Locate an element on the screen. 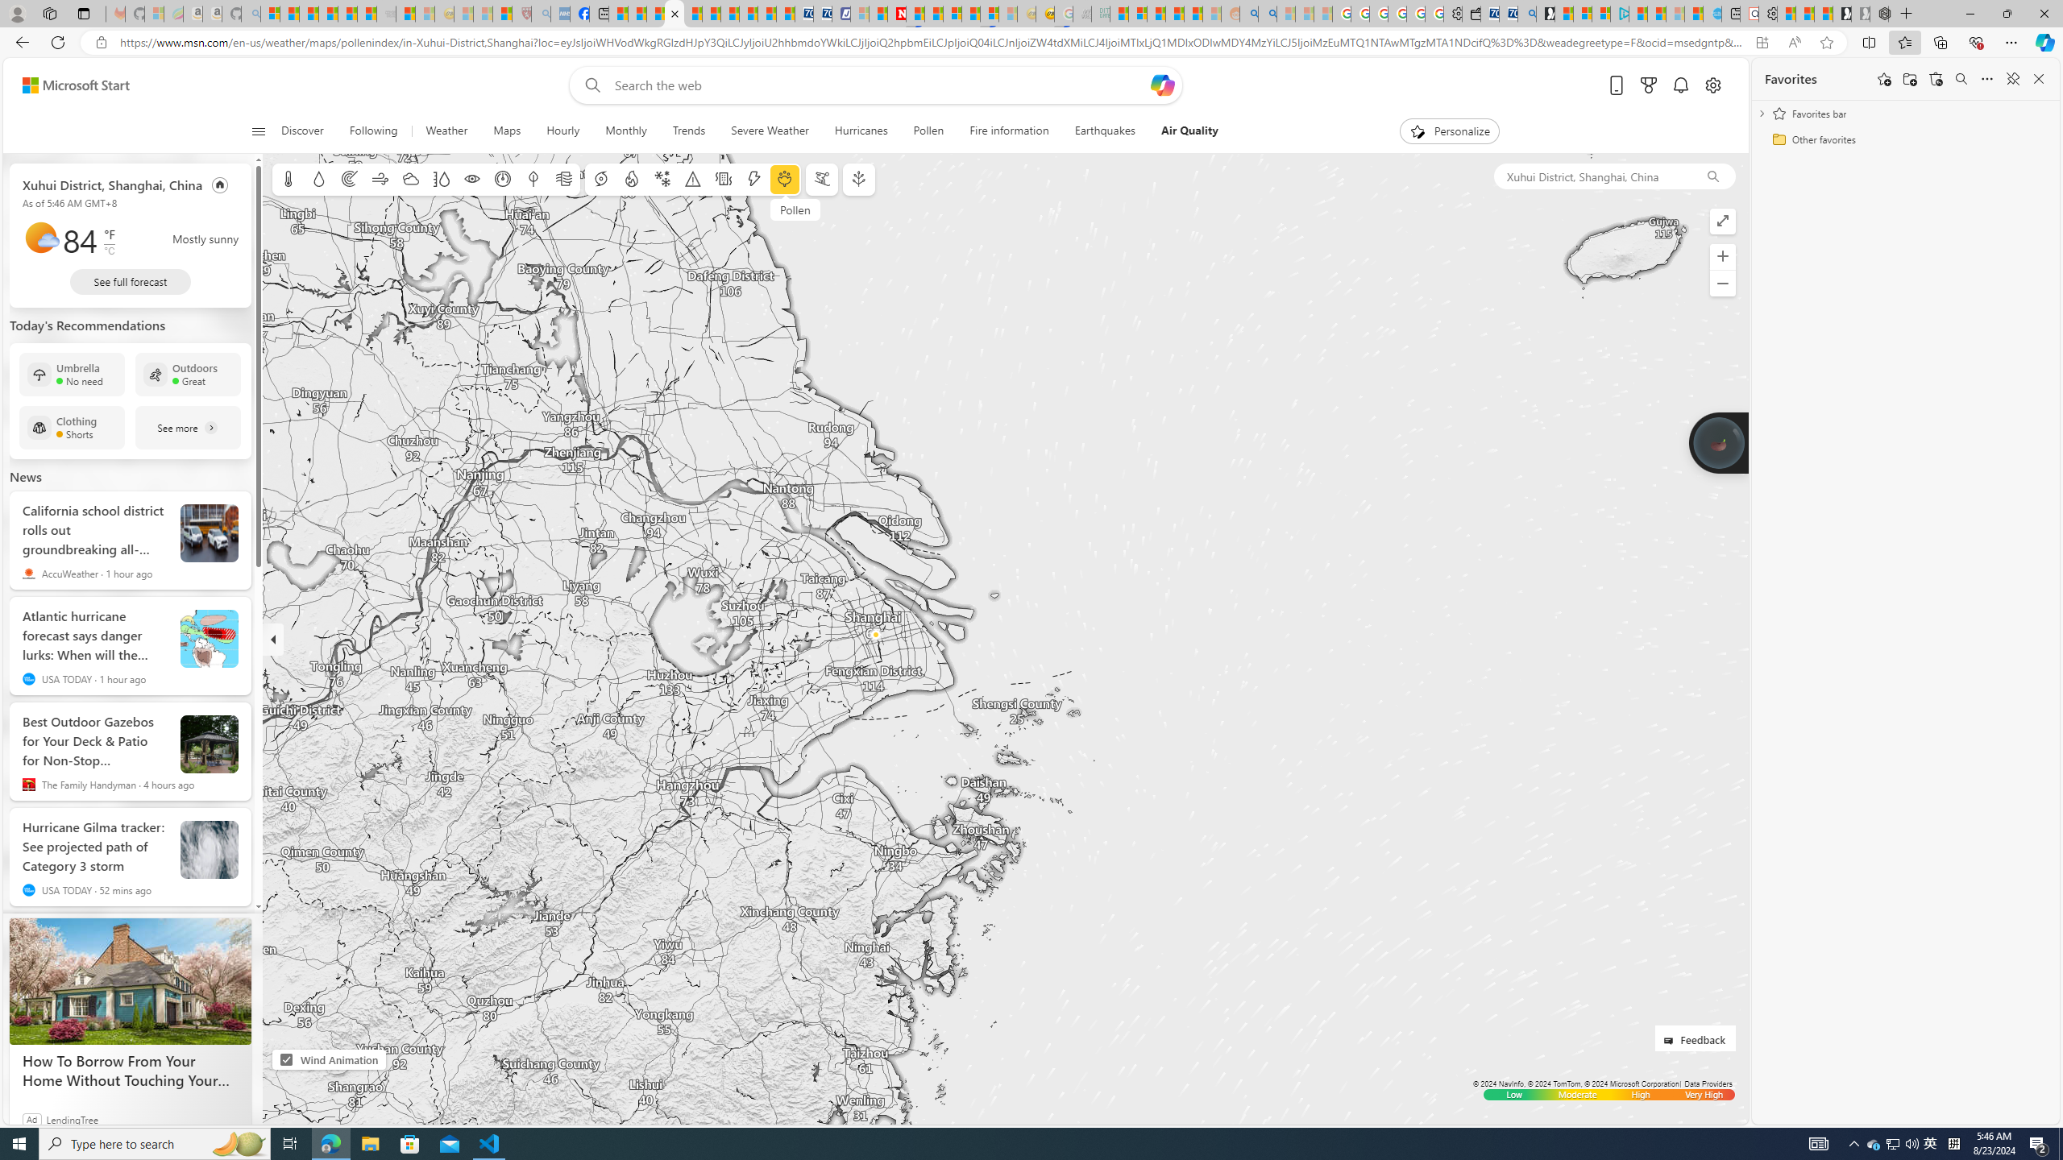 This screenshot has height=1160, width=2063. 'Ski conditions' is located at coordinates (820, 179).